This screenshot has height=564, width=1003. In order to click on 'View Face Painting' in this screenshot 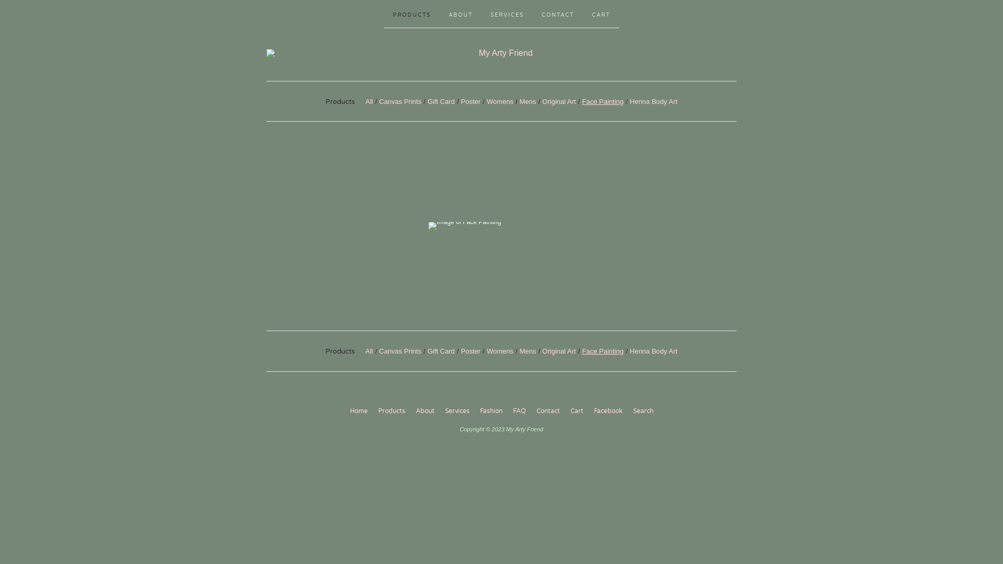, I will do `click(501, 225)`.